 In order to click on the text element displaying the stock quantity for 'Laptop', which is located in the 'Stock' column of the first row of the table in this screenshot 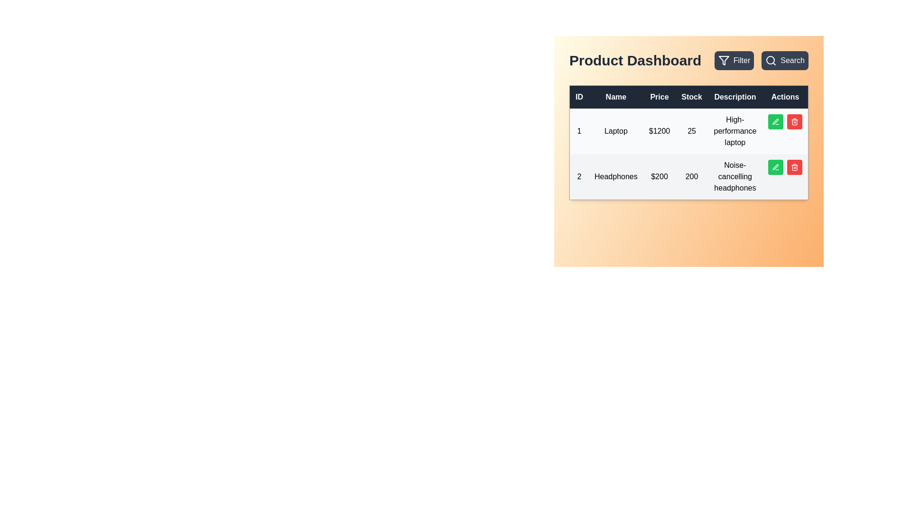, I will do `click(692, 131)`.